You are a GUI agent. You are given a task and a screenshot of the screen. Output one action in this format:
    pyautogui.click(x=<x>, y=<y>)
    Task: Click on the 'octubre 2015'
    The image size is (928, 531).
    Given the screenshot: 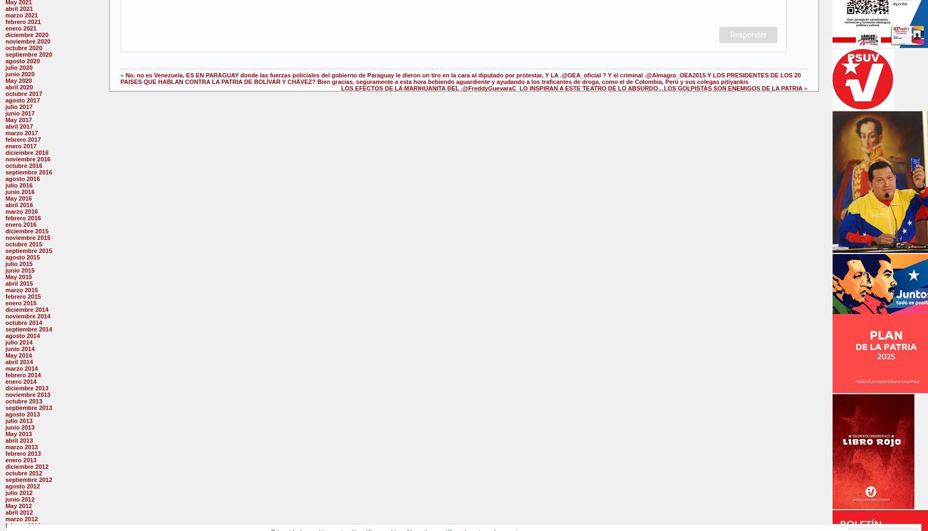 What is the action you would take?
    pyautogui.click(x=5, y=244)
    